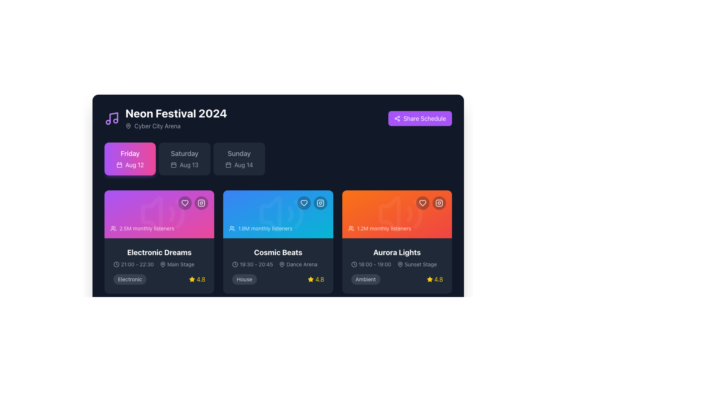 This screenshot has width=719, height=404. What do you see at coordinates (239, 158) in the screenshot?
I see `the button that allows users to select or view details for the date Sunday, August 14` at bounding box center [239, 158].